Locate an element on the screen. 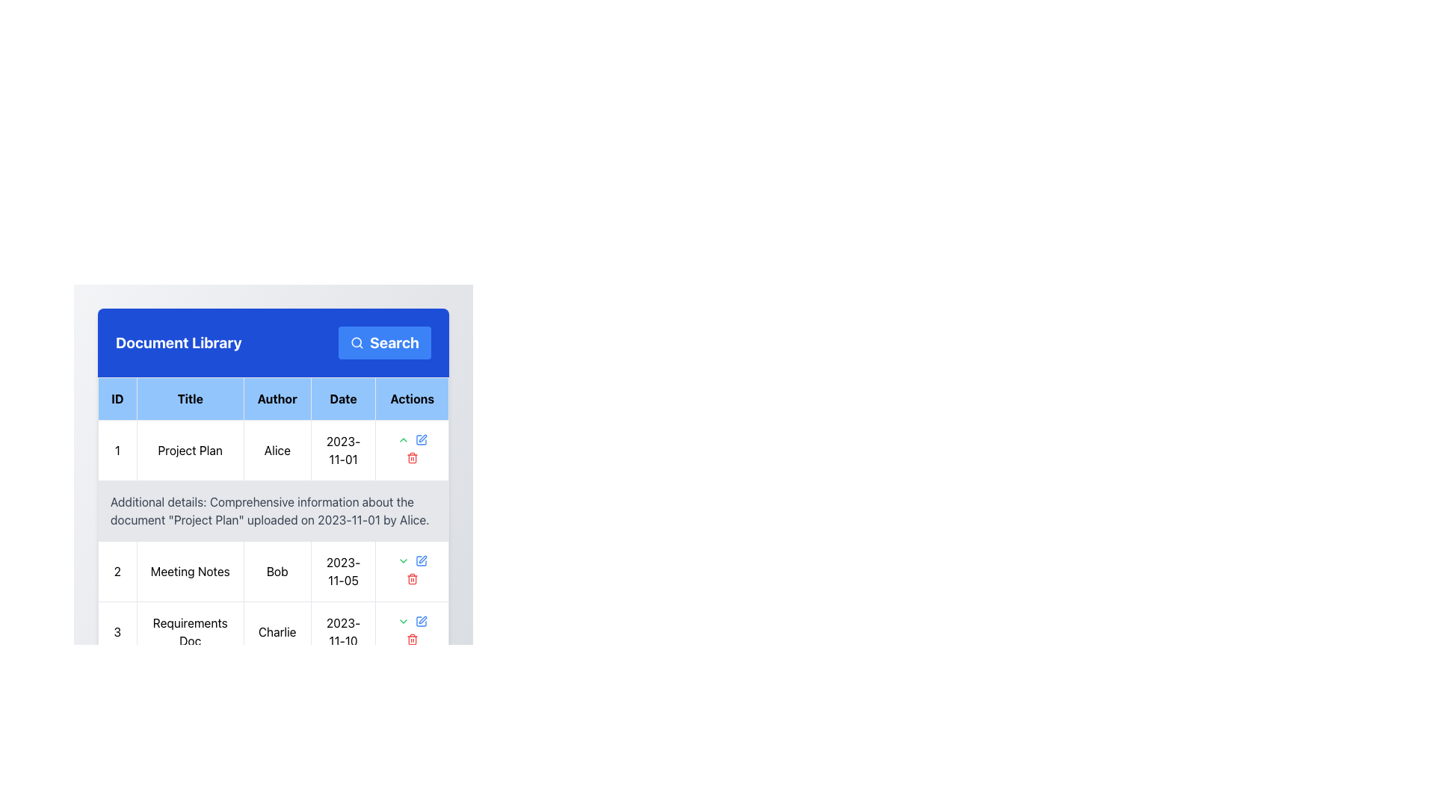  the Table Header Cell that labels the second column of the table indicating item titles, located between 'ID' and 'Author' is located at coordinates (189, 398).